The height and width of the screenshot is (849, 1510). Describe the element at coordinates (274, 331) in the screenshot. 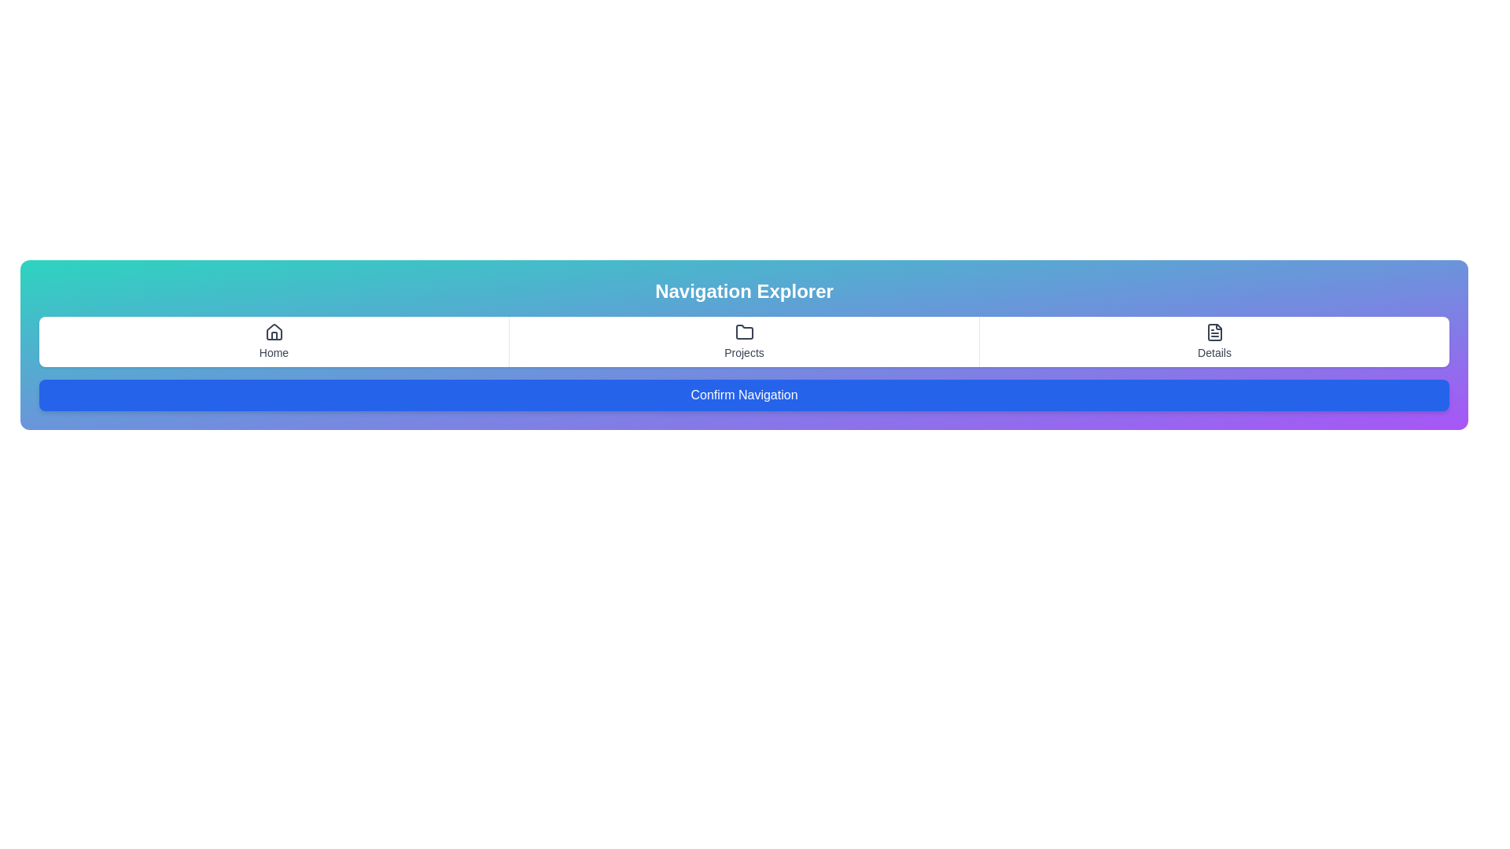

I see `the house-shaped icon located above the 'Home' text in the navigation bar` at that location.